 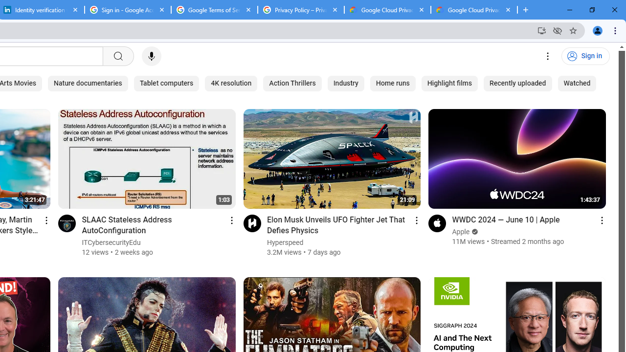 What do you see at coordinates (166, 83) in the screenshot?
I see `'Tablet computers'` at bounding box center [166, 83].